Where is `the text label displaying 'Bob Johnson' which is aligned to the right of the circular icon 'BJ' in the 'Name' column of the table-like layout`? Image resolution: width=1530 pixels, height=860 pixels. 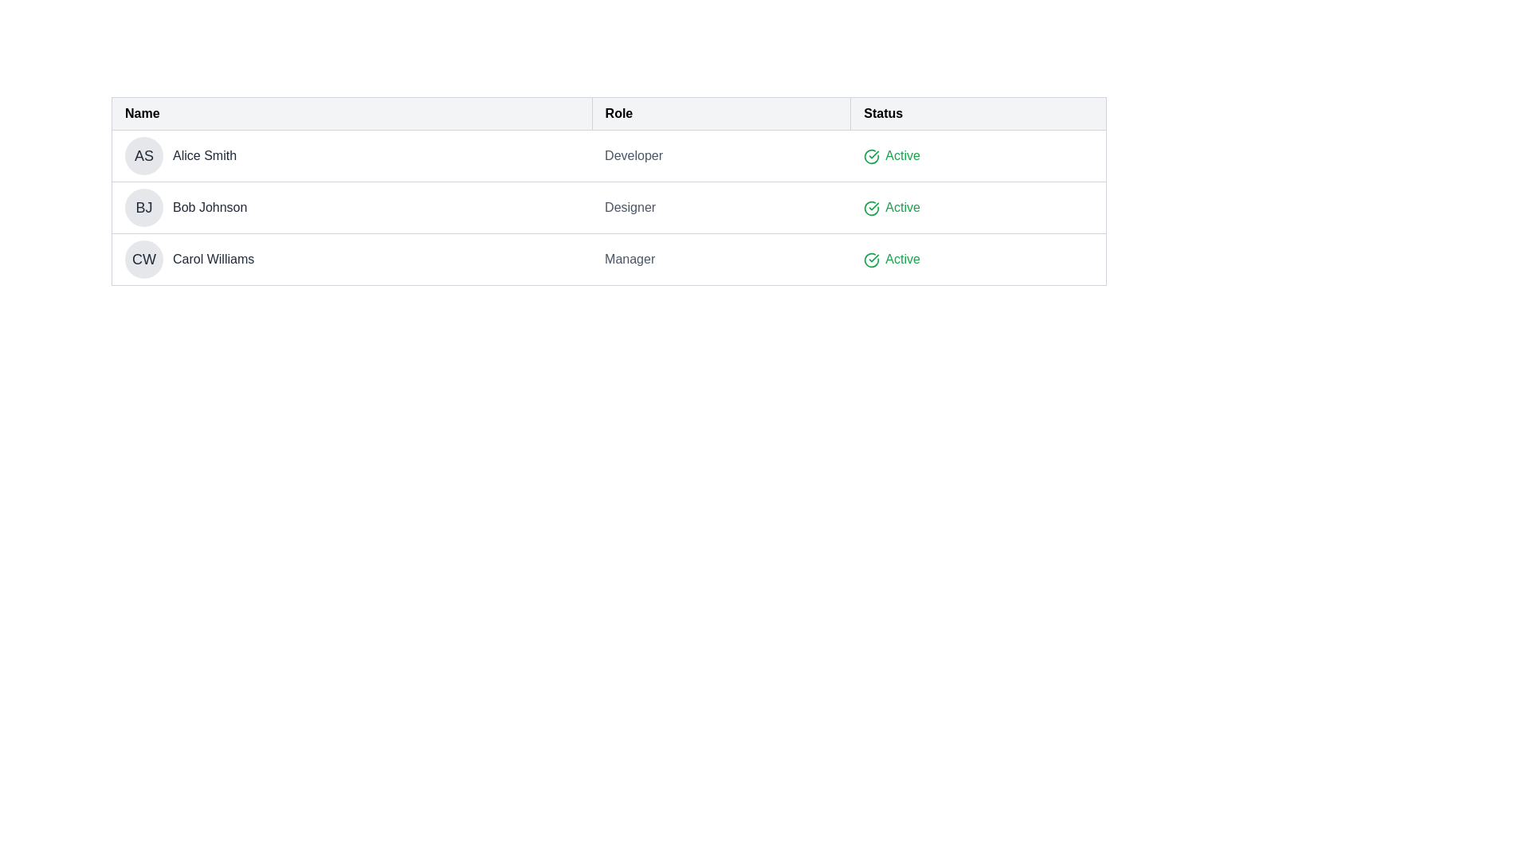 the text label displaying 'Bob Johnson' which is aligned to the right of the circular icon 'BJ' in the 'Name' column of the table-like layout is located at coordinates (209, 207).